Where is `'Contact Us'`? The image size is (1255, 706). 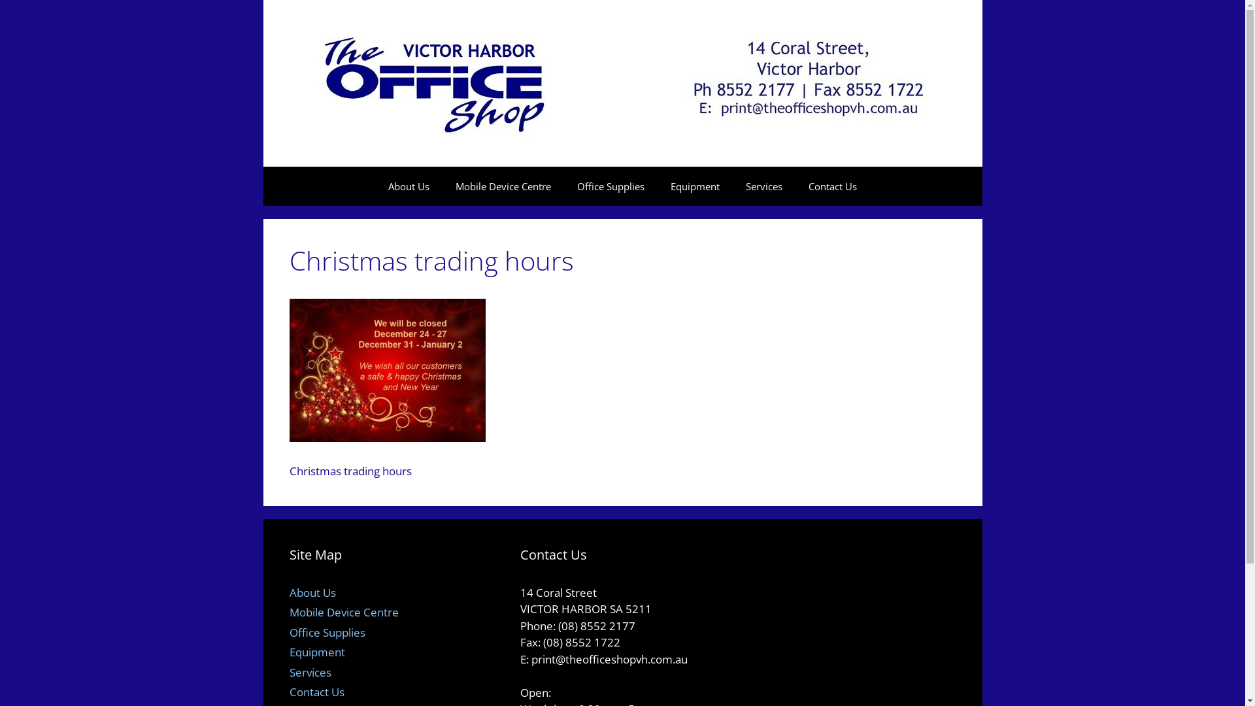 'Contact Us' is located at coordinates (316, 691).